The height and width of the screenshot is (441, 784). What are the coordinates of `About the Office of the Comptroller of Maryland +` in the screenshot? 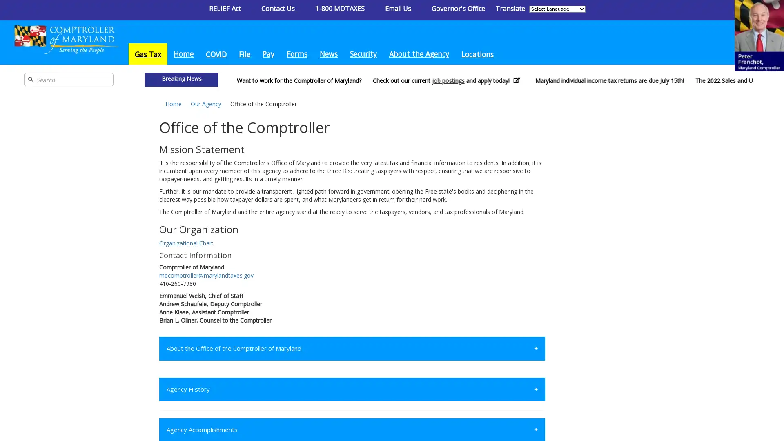 It's located at (352, 348).